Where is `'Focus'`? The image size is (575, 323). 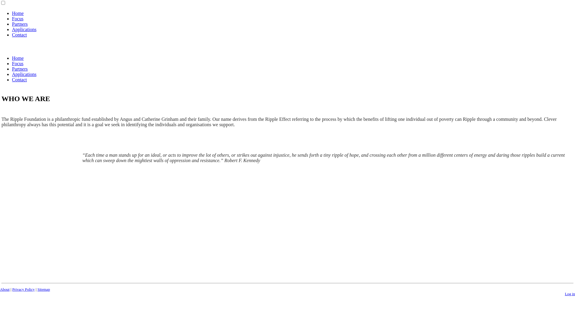
'Focus' is located at coordinates (12, 63).